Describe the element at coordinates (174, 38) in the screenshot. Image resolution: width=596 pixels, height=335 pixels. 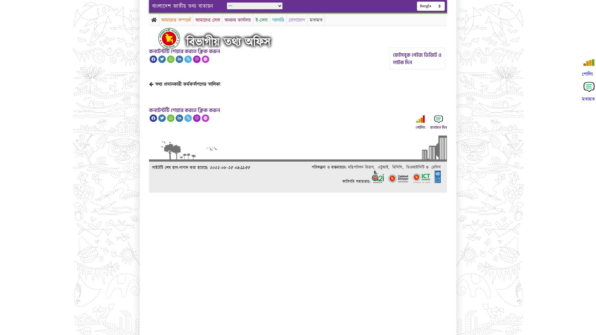
I see `'` at that location.